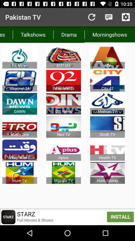  What do you see at coordinates (107, 127) in the screenshot?
I see `the third image in the fourth row` at bounding box center [107, 127].